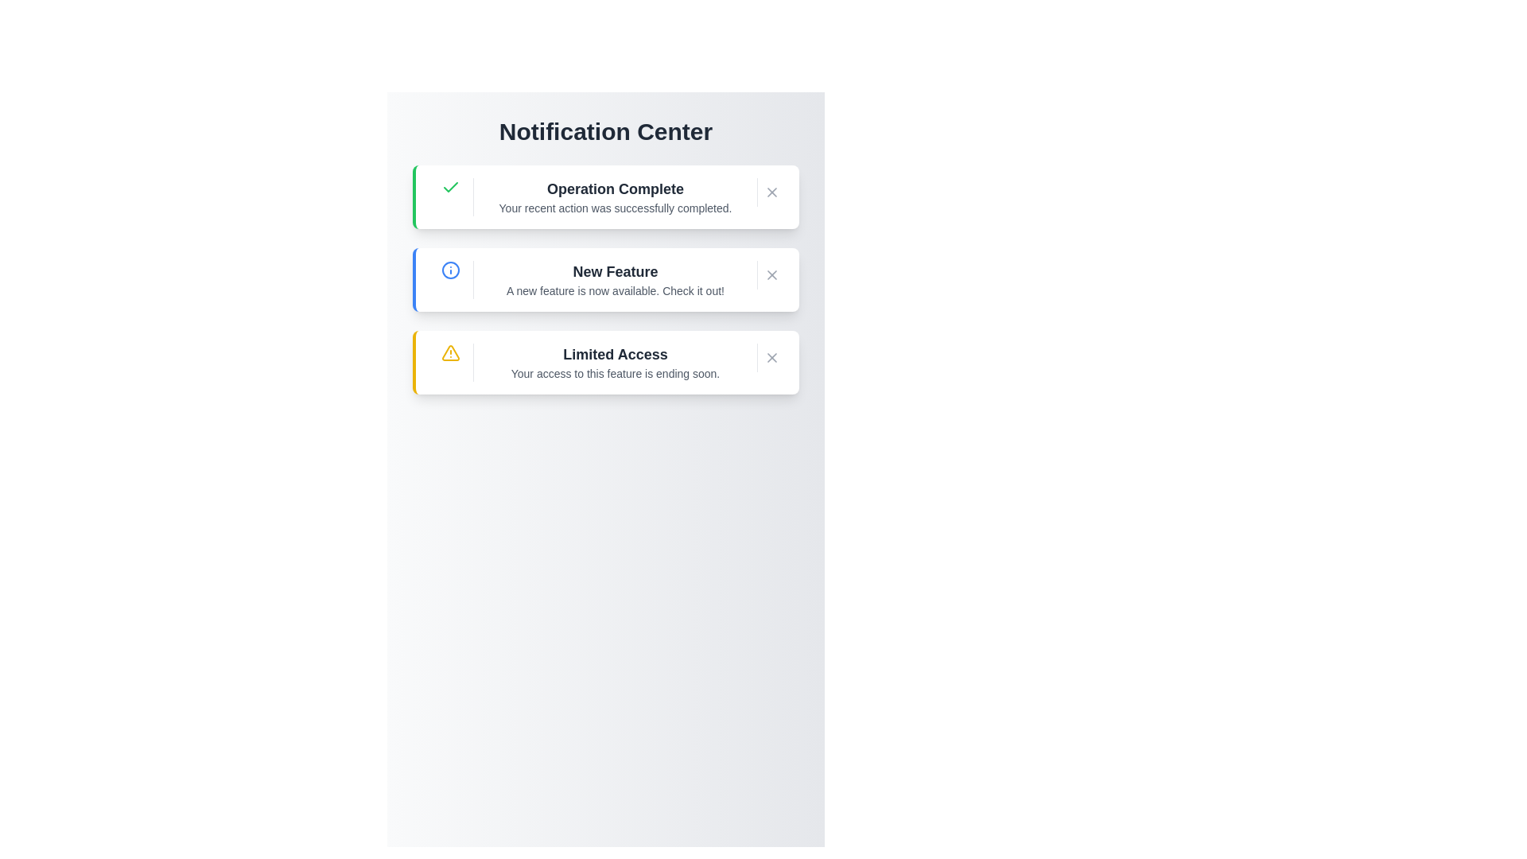 This screenshot has width=1527, height=859. Describe the element at coordinates (614, 208) in the screenshot. I see `the static text displaying the message 'Your recent action was successfully completed.' which is located beneath the heading 'Operation Complete' in the Notification Center` at that location.